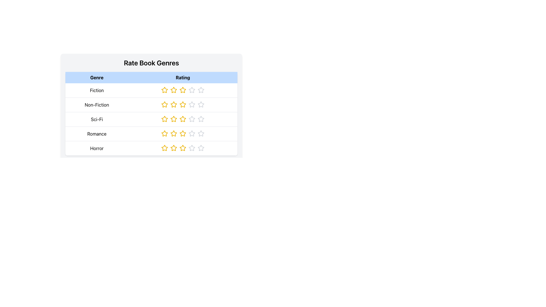 This screenshot has width=546, height=307. What do you see at coordinates (151, 119) in the screenshot?
I see `the Table Cell with Text Content that displays genres, located in the third row of the genre-rating table` at bounding box center [151, 119].